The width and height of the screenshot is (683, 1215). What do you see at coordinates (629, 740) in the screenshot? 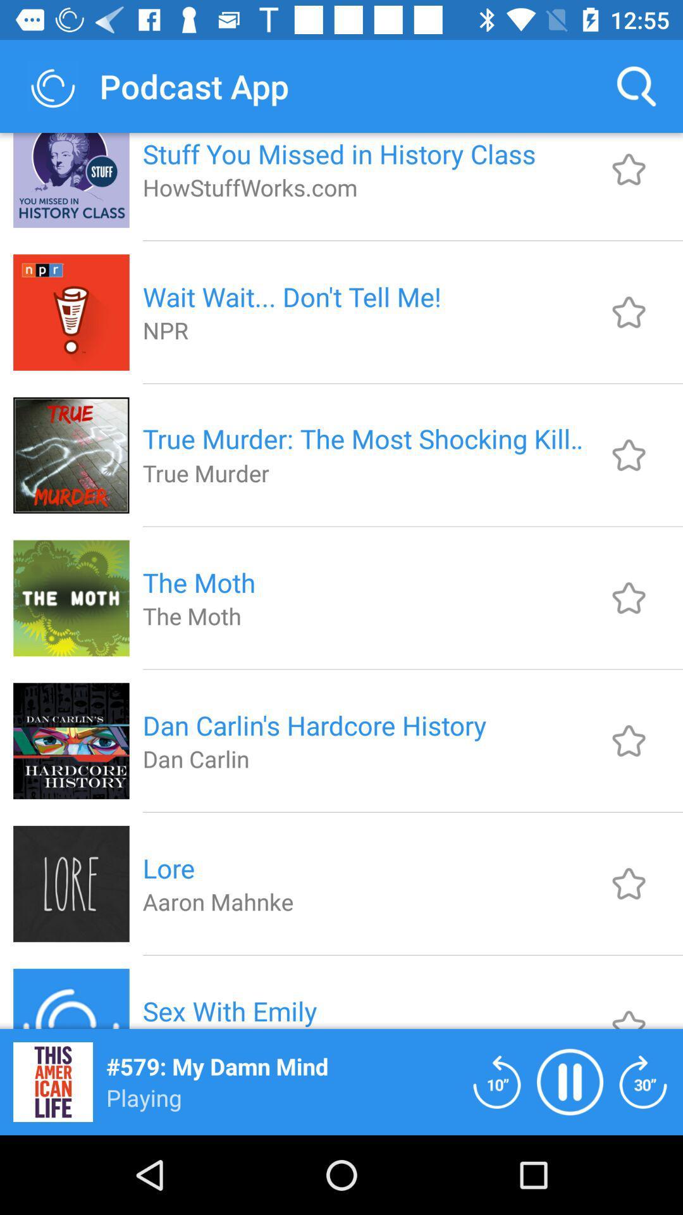
I see `podcast` at bounding box center [629, 740].